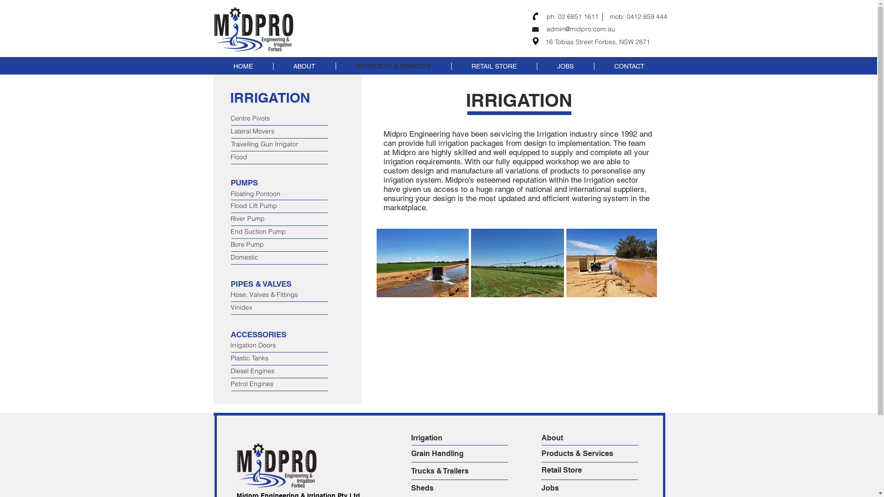 This screenshot has height=497, width=884. Describe the element at coordinates (247, 219) in the screenshot. I see `'River Pump'` at that location.